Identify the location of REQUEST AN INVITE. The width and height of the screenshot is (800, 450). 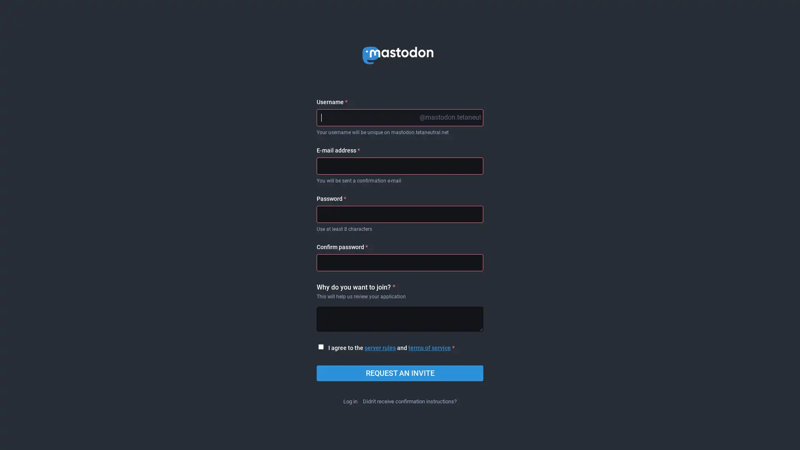
(400, 372).